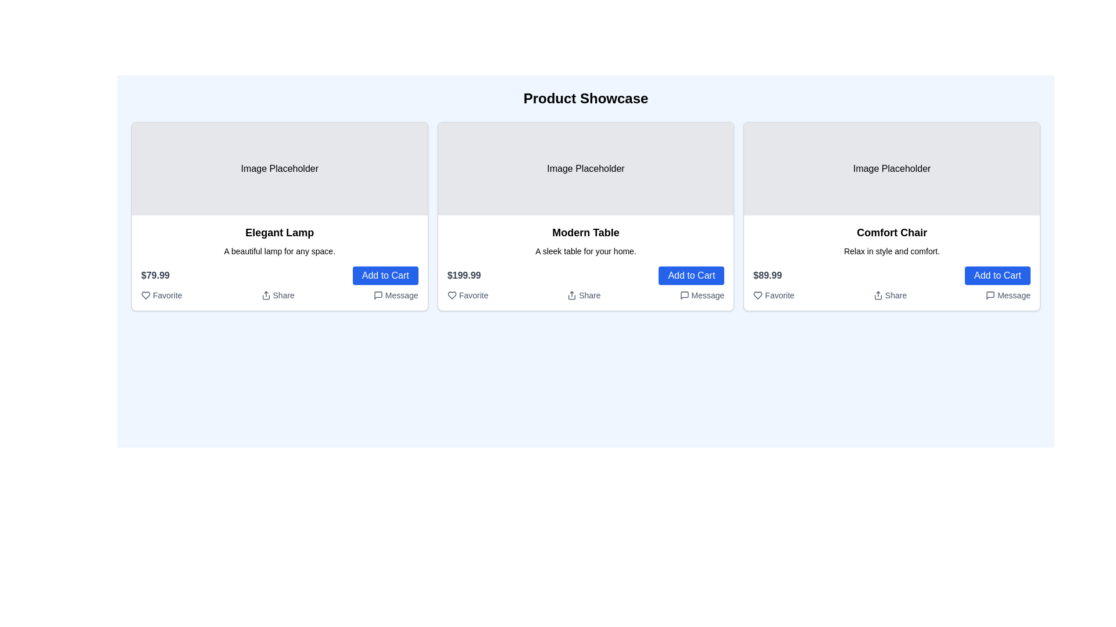 The width and height of the screenshot is (1116, 627). Describe the element at coordinates (396, 295) in the screenshot. I see `the 'Message' button located to the far right of the options 'Favorite' and 'Share'` at that location.